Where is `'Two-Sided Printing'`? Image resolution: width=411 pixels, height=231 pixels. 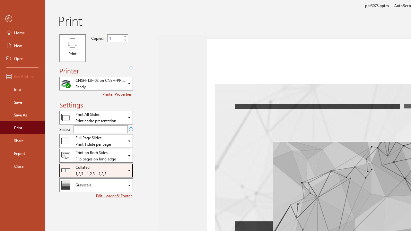
'Two-Sided Printing' is located at coordinates (96, 156).